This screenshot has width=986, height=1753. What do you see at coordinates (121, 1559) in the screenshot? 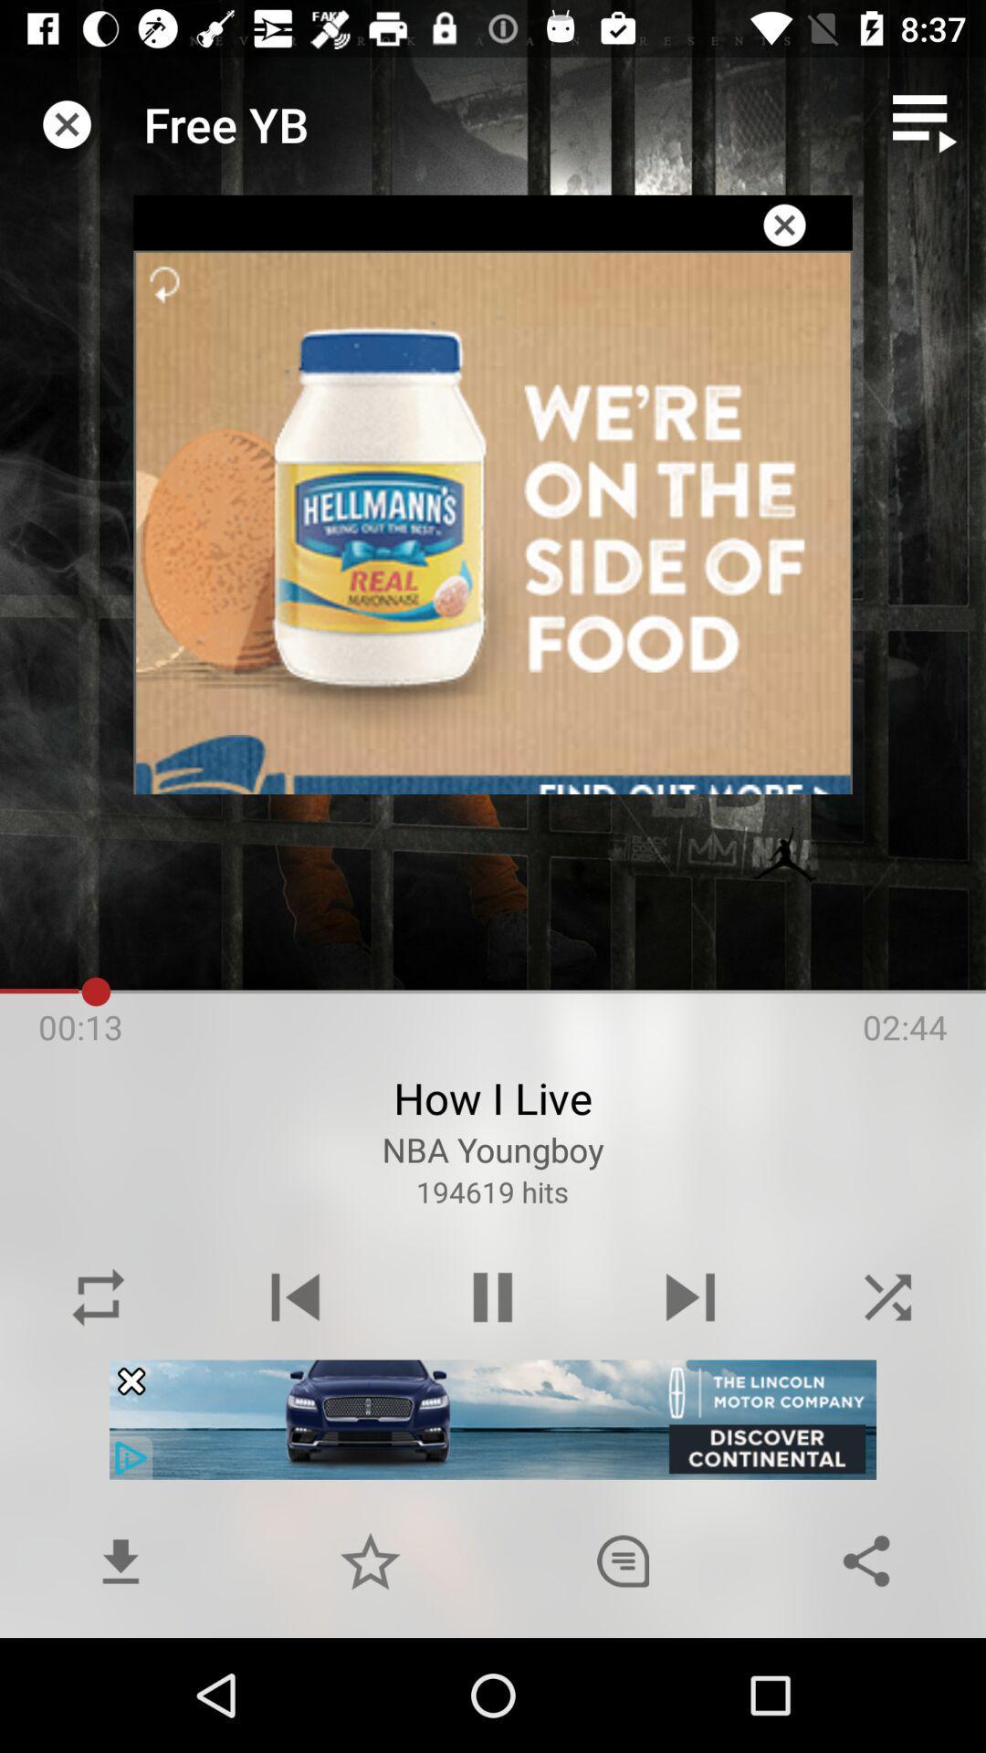
I see `download button` at bounding box center [121, 1559].